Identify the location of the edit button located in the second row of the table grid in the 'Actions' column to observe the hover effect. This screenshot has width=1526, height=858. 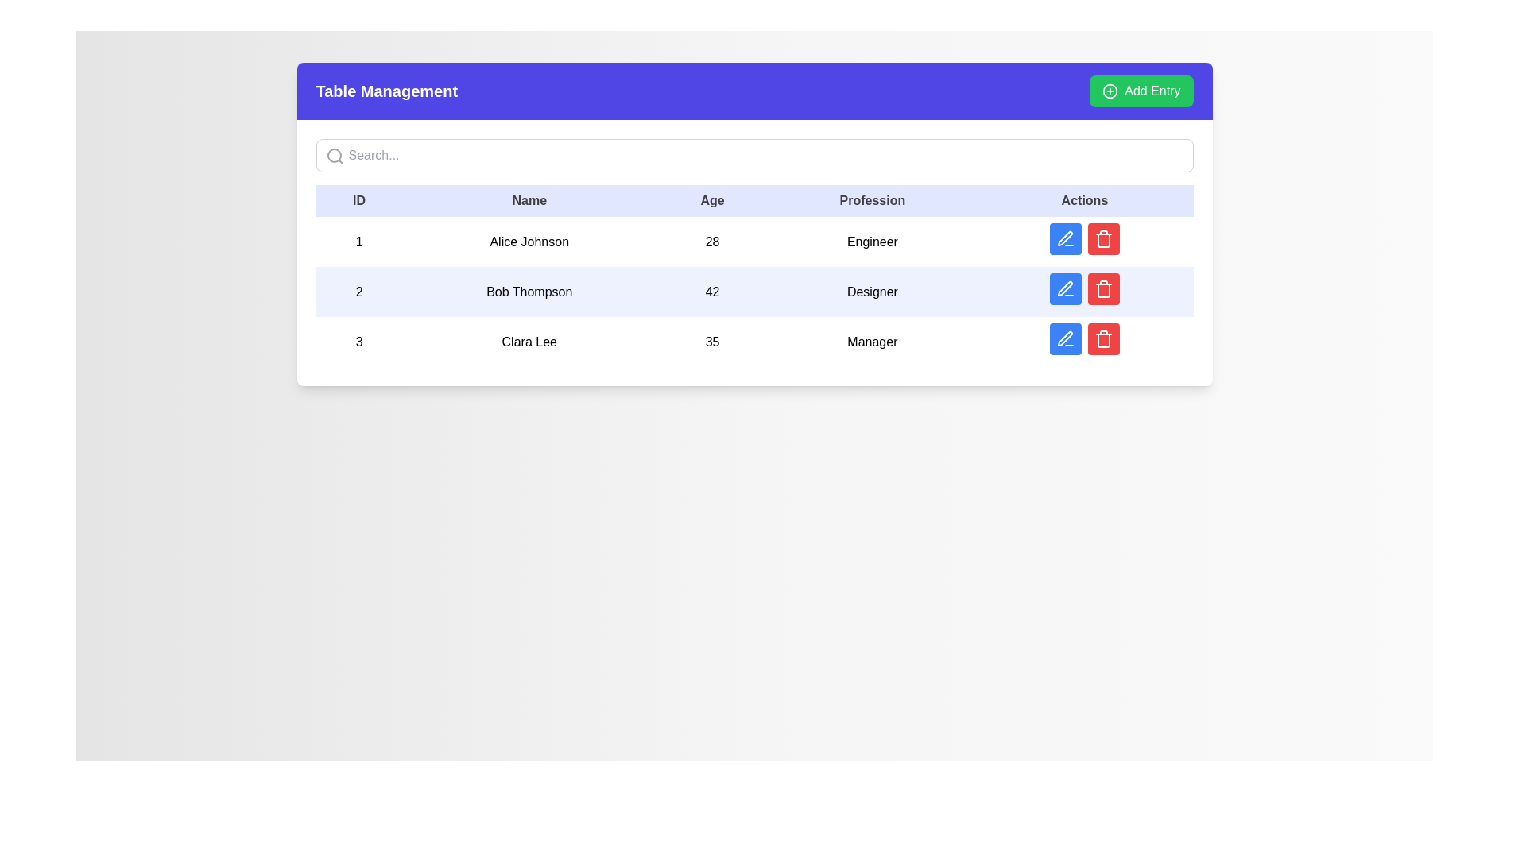
(1065, 288).